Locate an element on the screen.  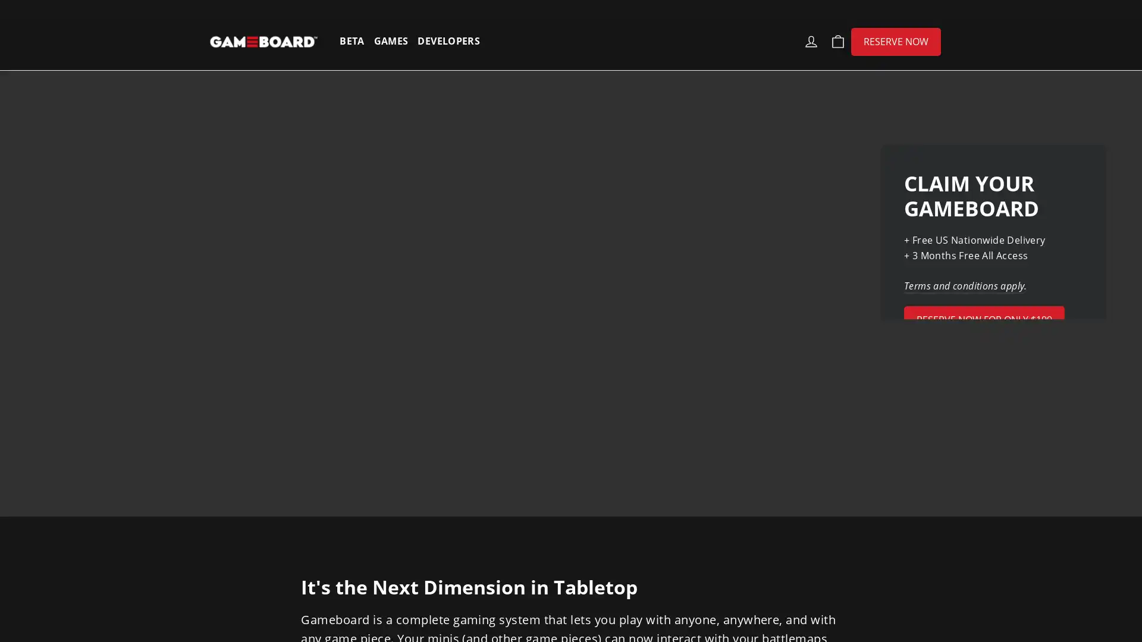
NO THANKS is located at coordinates (571, 561).